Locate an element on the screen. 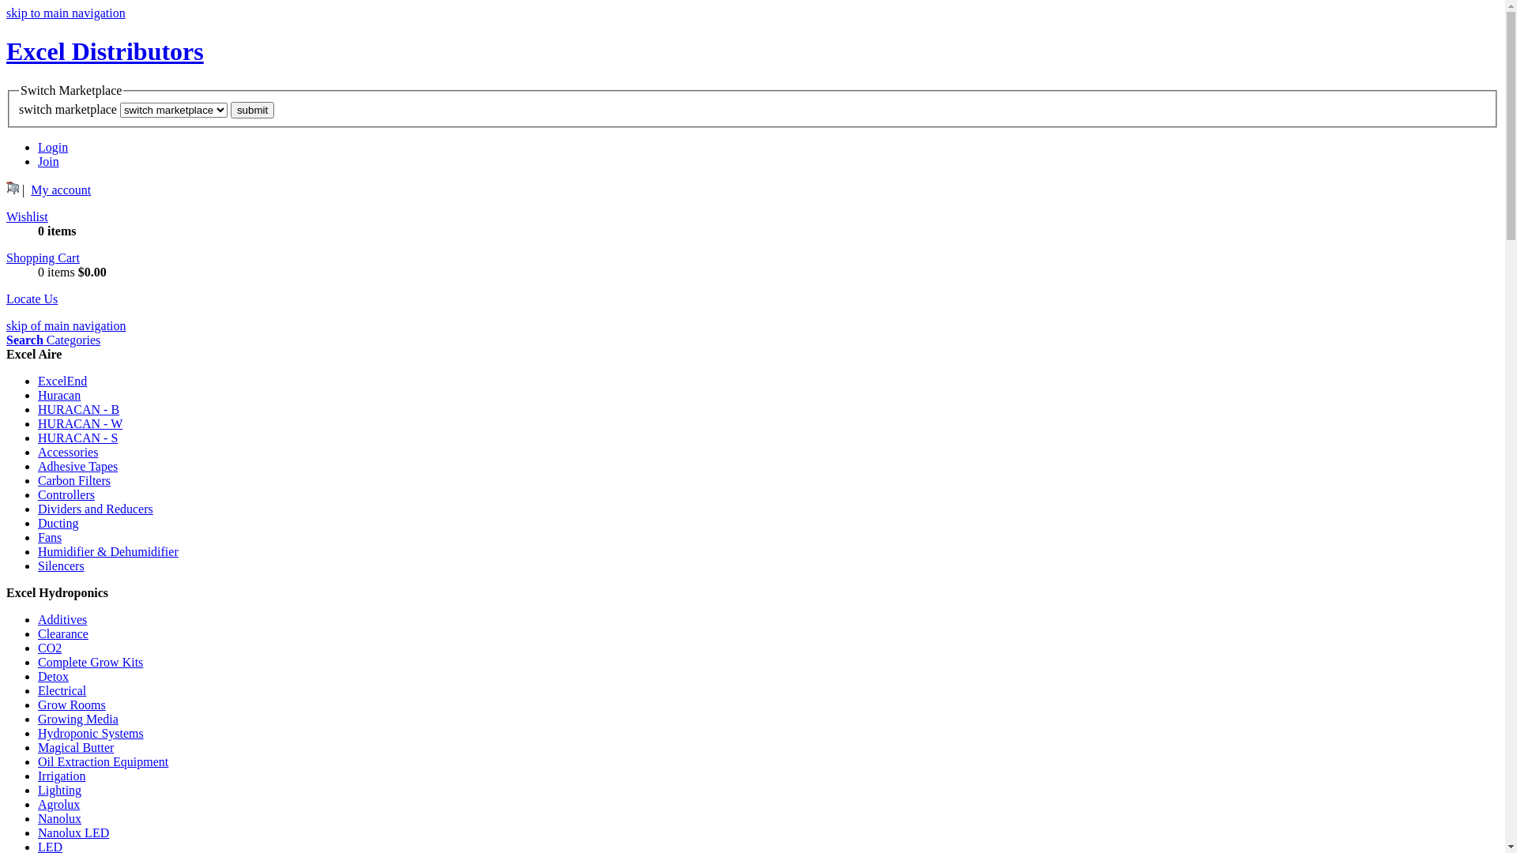  'Nanolux LED' is located at coordinates (38, 832).